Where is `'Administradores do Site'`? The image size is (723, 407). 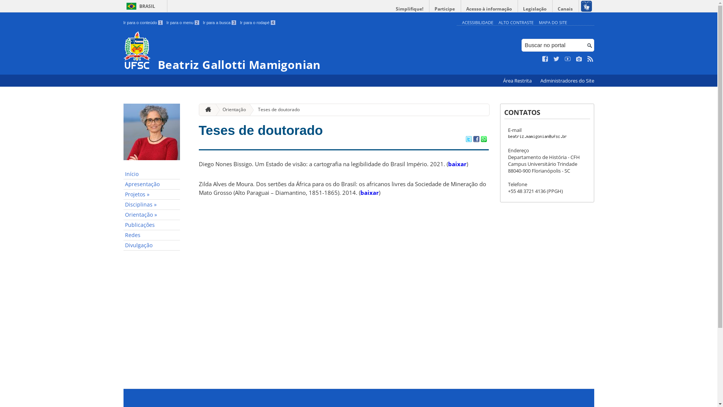 'Administradores do Site' is located at coordinates (567, 81).